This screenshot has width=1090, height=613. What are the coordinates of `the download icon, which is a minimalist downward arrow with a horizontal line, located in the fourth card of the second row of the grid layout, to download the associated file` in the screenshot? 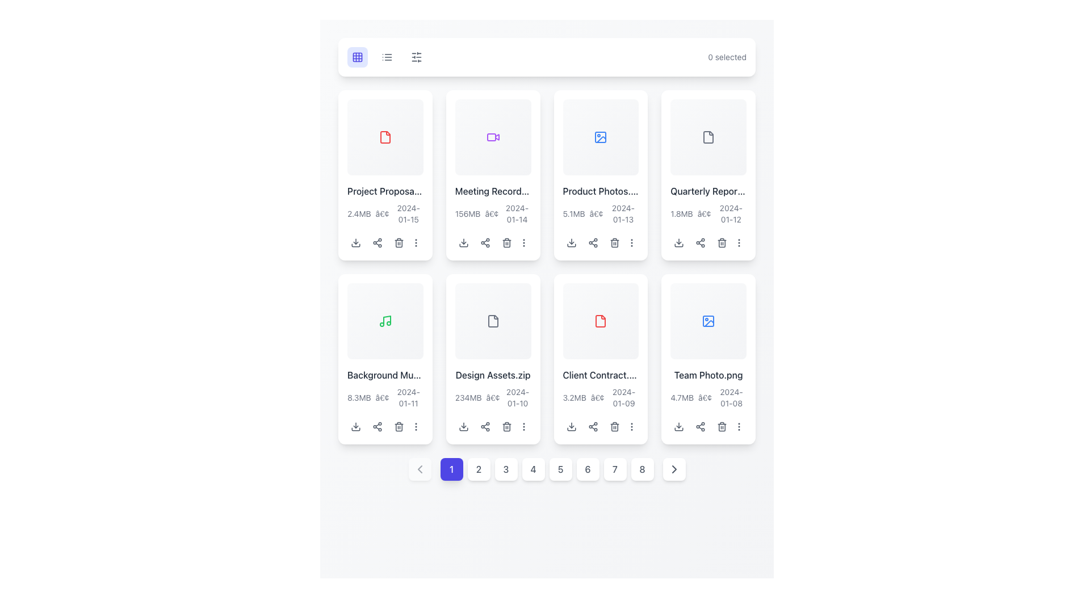 It's located at (679, 242).